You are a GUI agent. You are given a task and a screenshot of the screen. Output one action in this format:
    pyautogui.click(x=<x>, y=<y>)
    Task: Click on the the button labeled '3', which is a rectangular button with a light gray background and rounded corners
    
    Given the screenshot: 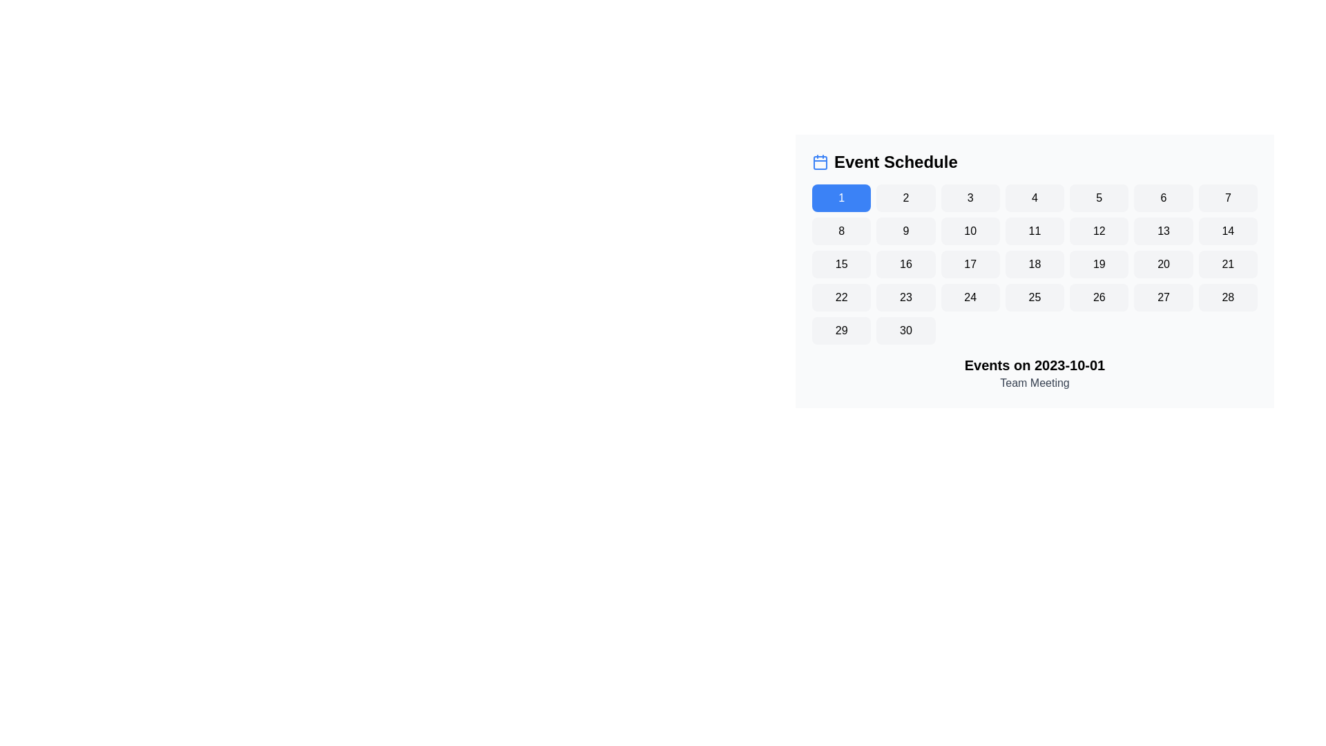 What is the action you would take?
    pyautogui.click(x=970, y=198)
    